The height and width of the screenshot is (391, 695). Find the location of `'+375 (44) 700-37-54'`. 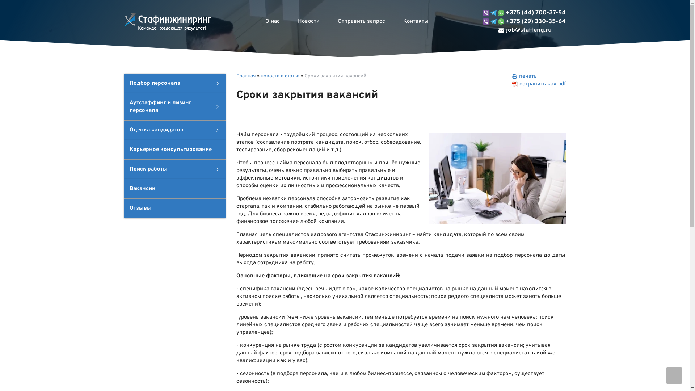

'+375 (44) 700-37-54' is located at coordinates (524, 13).